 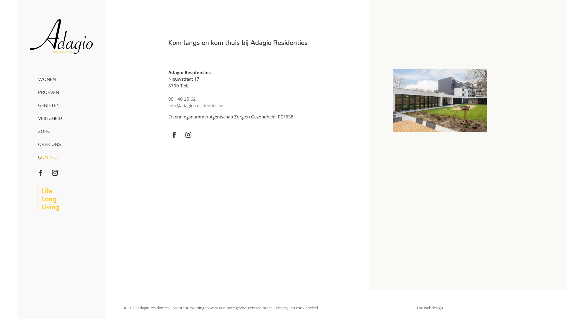 What do you see at coordinates (196, 105) in the screenshot?
I see `'info@adagio-residenties.be'` at bounding box center [196, 105].